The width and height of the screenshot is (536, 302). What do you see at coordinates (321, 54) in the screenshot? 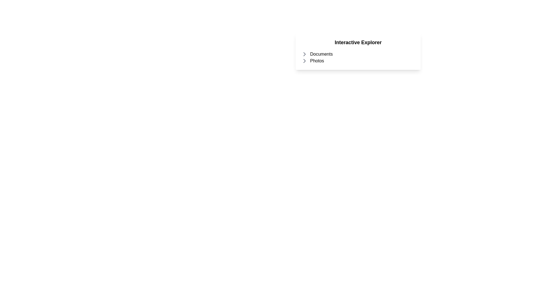
I see `the 'Documents' text label in the 'Interactive Explorer' menu` at bounding box center [321, 54].